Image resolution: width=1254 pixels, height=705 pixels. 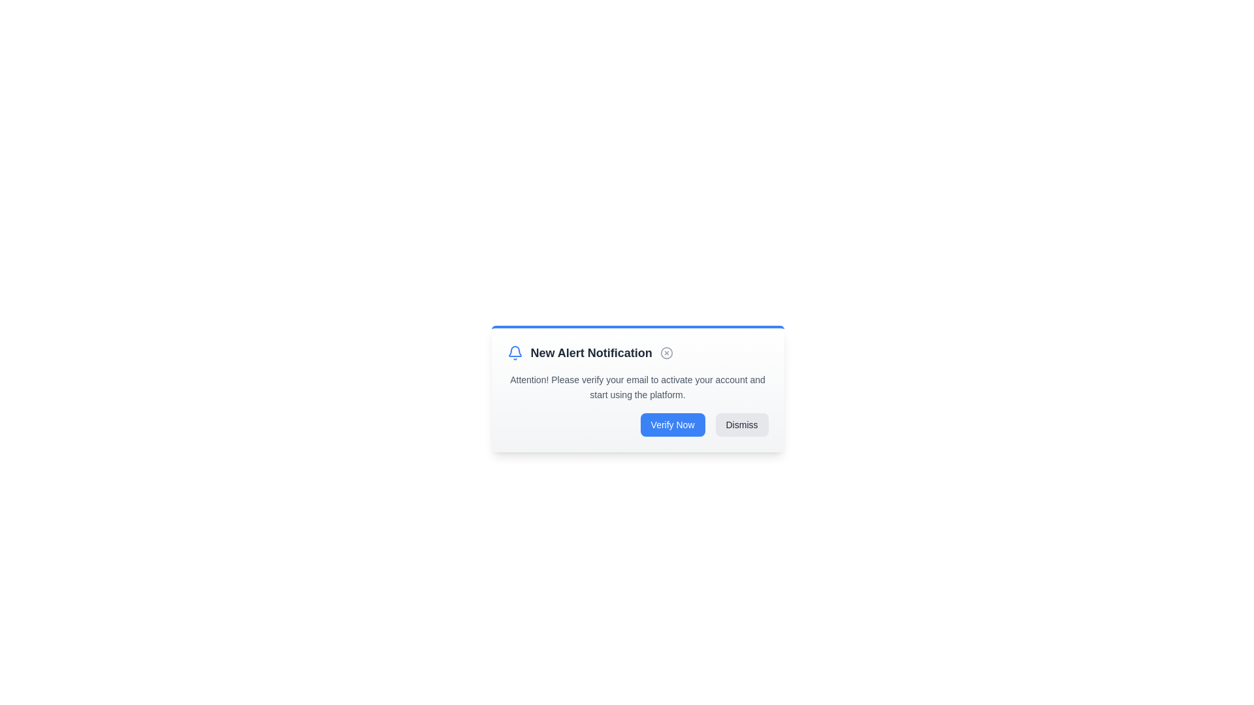 What do you see at coordinates (637, 386) in the screenshot?
I see `the text paragraph styled with a small font size and gray color that instructs users to verify their email, located in the middle section of the notification card` at bounding box center [637, 386].